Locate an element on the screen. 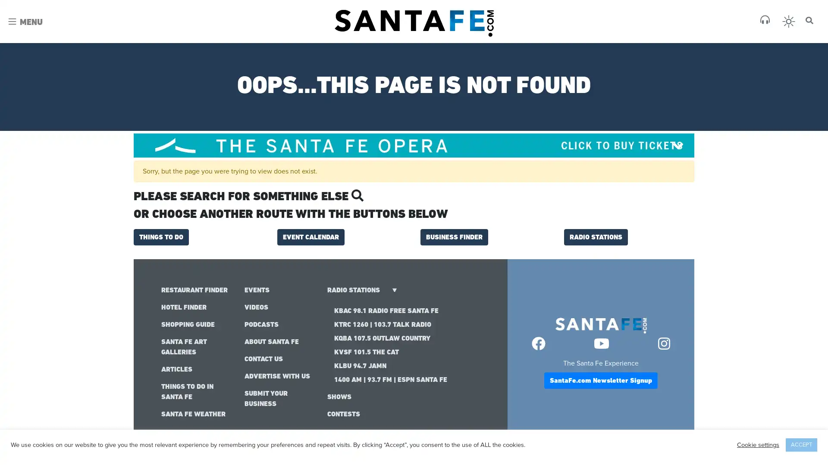  EVENT CALENDAR is located at coordinates (310, 237).